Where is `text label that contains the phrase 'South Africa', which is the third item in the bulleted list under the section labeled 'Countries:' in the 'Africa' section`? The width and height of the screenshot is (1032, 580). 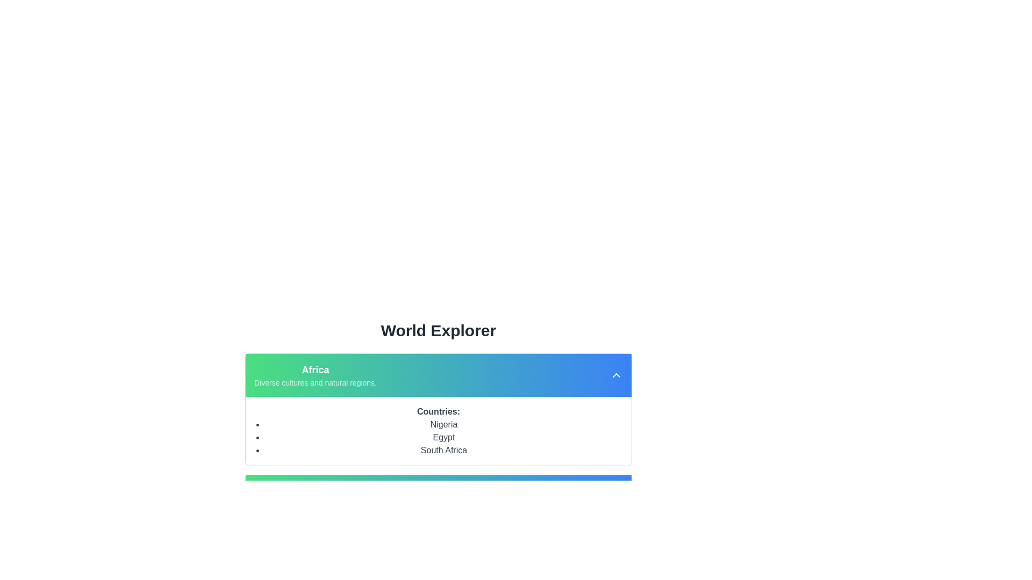 text label that contains the phrase 'South Africa', which is the third item in the bulleted list under the section labeled 'Countries:' in the 'Africa' section is located at coordinates (443, 451).